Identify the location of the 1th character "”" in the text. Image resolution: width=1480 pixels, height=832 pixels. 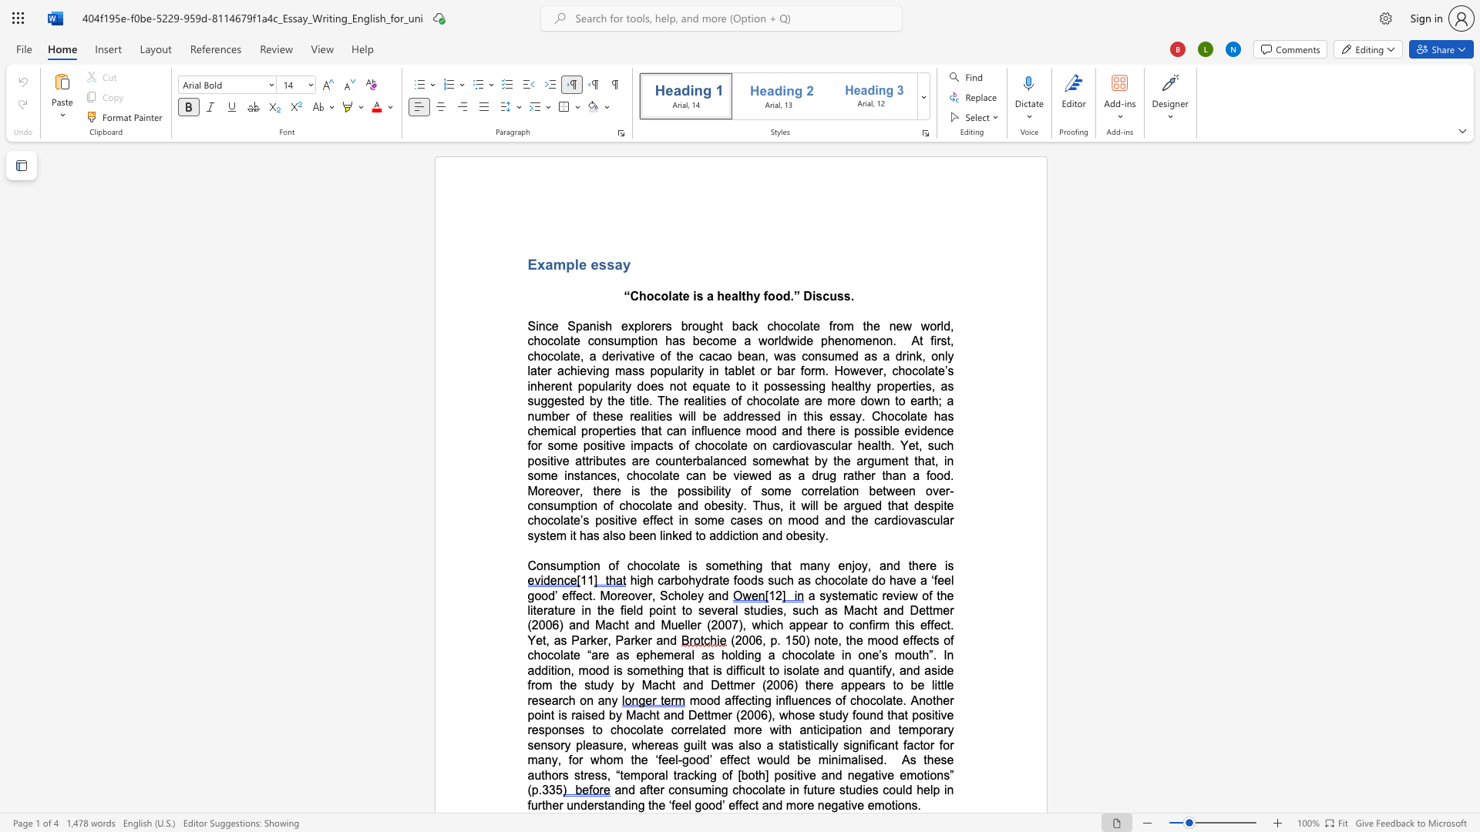
(796, 296).